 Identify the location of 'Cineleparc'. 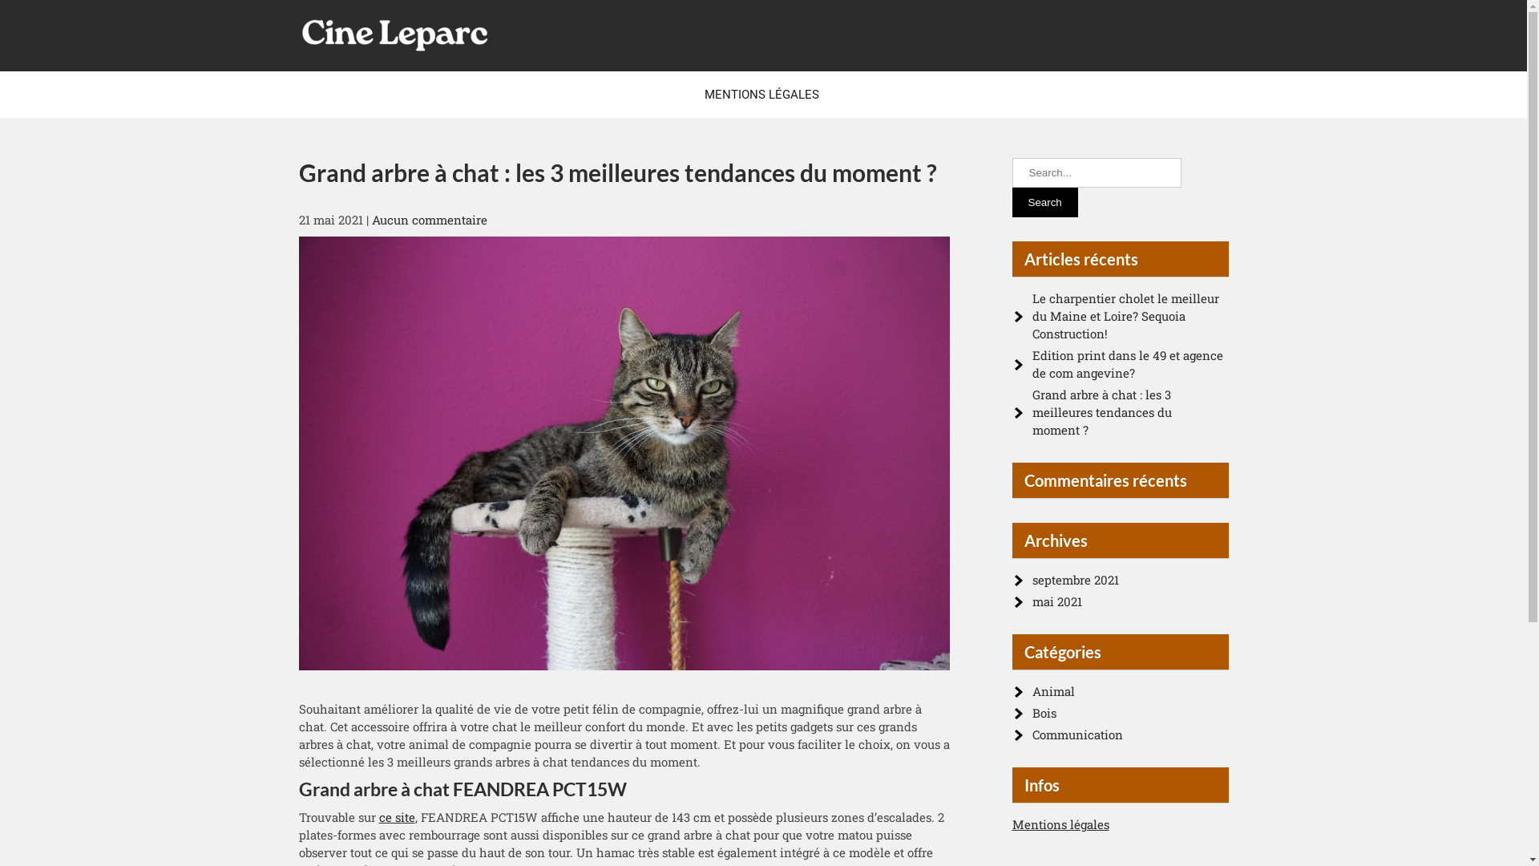
(364, 73).